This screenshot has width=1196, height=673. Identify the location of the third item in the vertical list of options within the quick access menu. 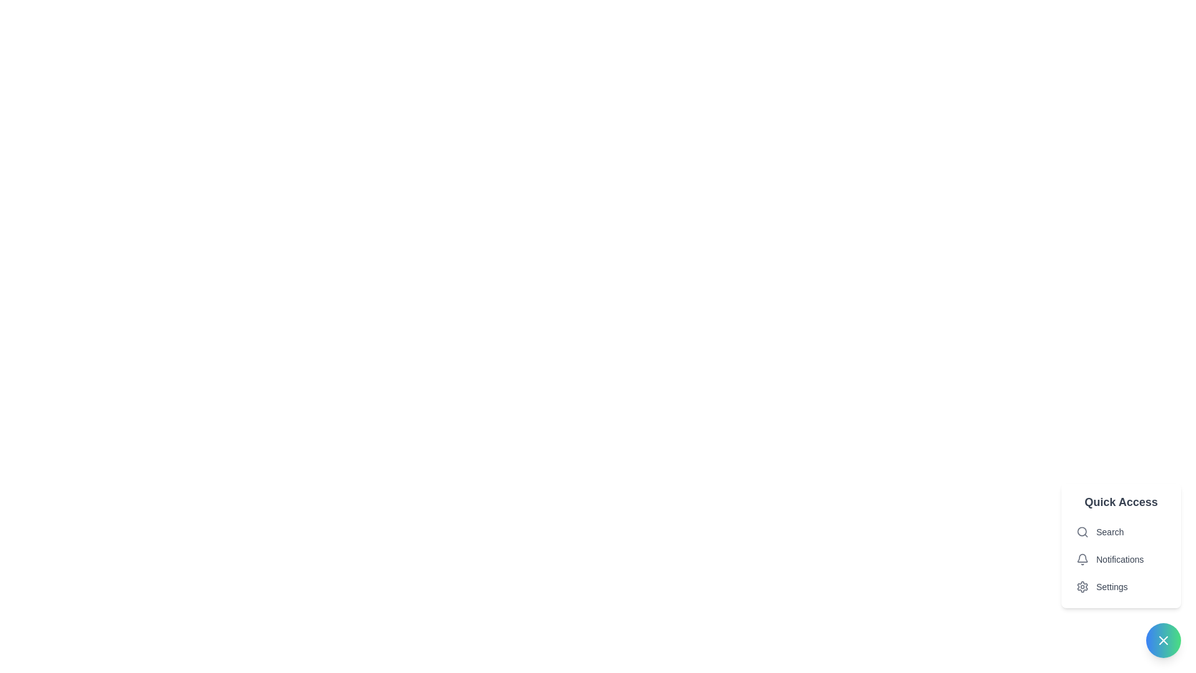
(1121, 586).